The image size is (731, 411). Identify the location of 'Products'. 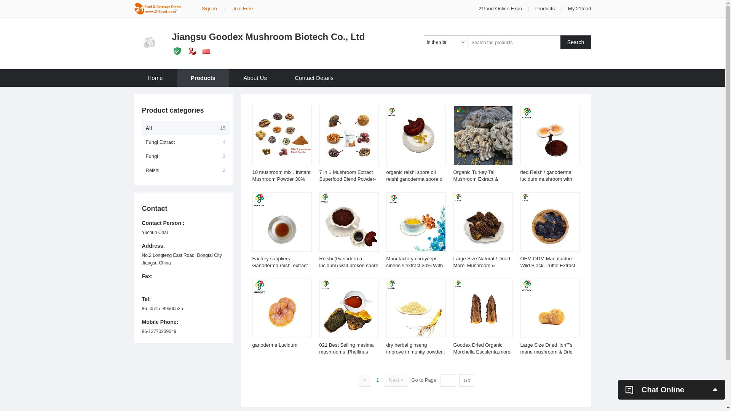
(535, 8).